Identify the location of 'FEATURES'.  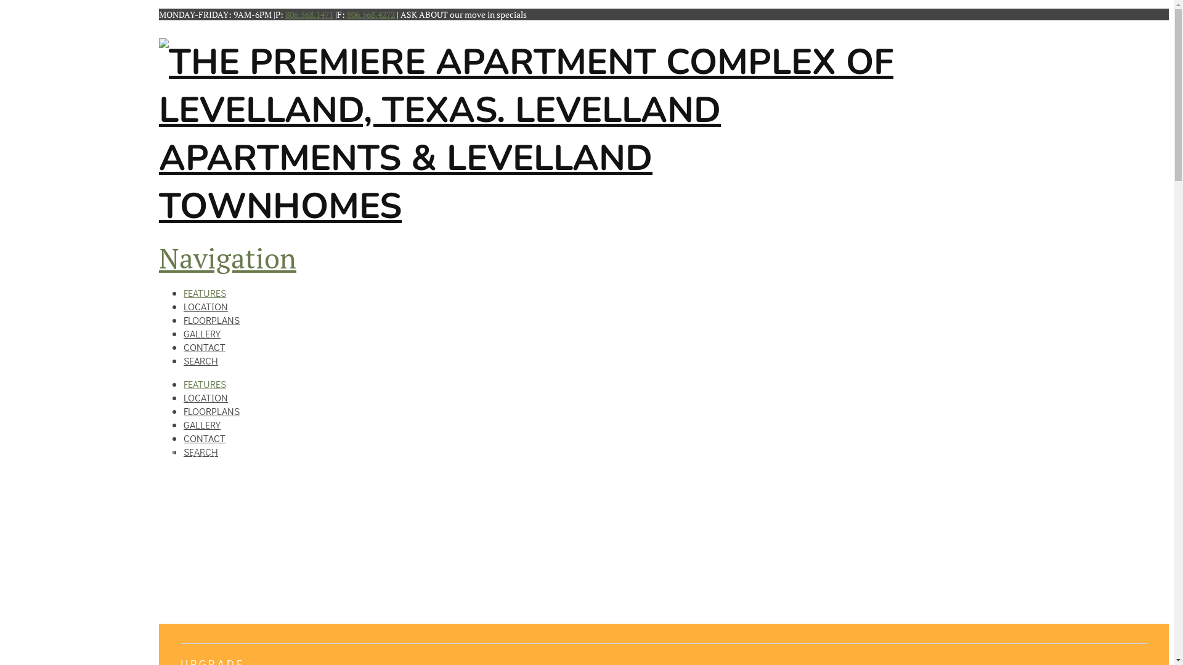
(205, 289).